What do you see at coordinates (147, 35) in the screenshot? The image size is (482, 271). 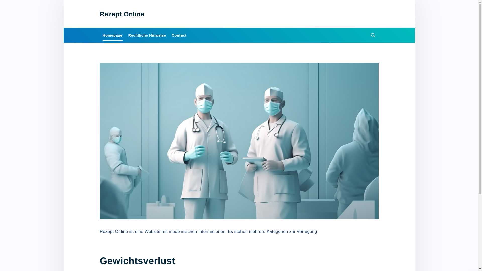 I see `'Rechtliche Hinweise'` at bounding box center [147, 35].